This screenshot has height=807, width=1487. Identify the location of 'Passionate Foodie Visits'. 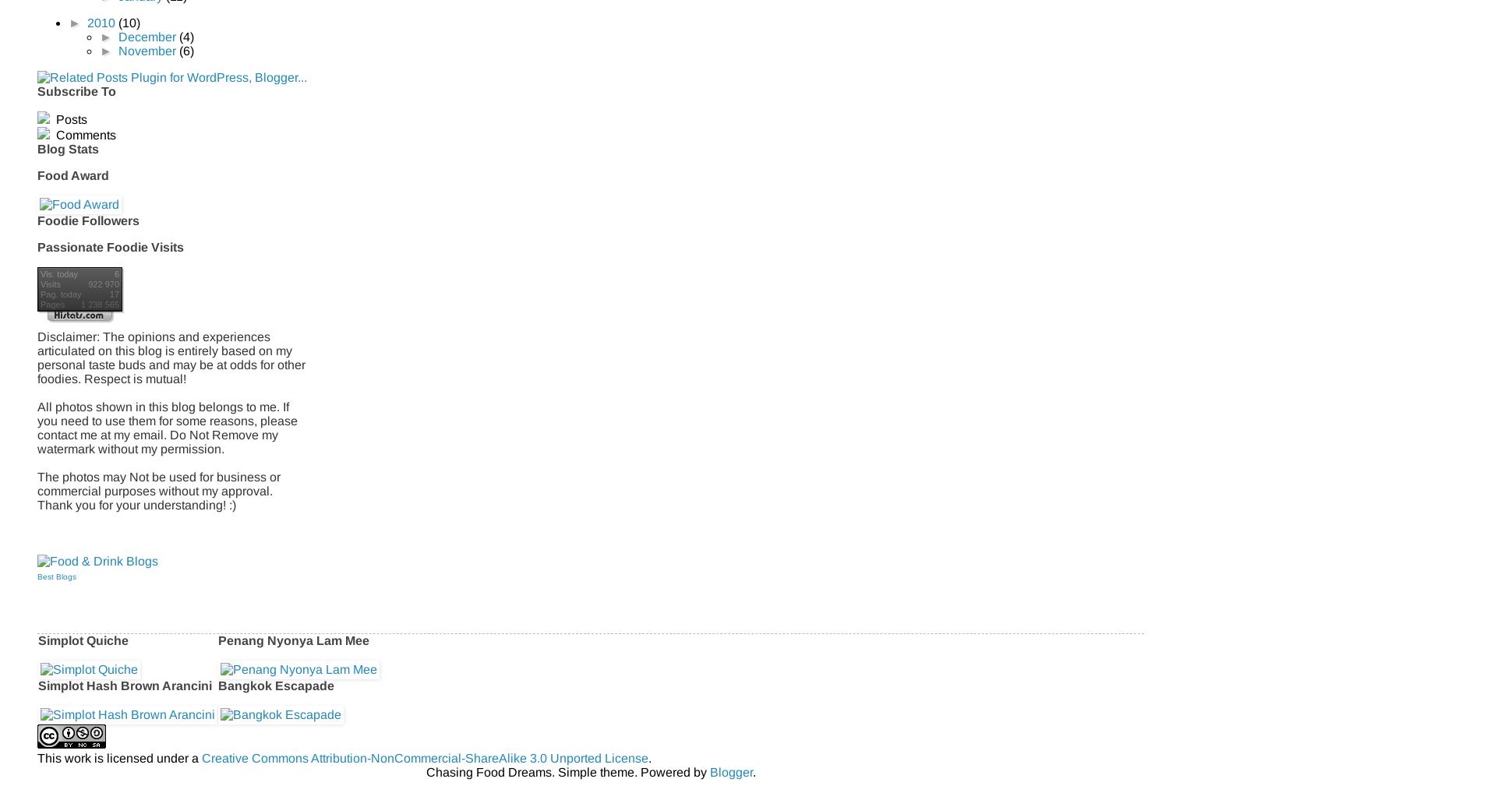
(37, 246).